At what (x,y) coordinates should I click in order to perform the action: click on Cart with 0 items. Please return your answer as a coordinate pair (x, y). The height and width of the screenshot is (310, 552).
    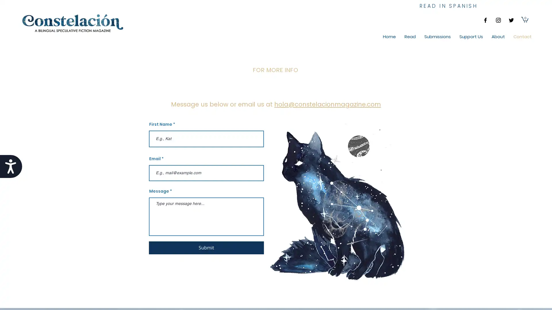
    Looking at the image, I should click on (525, 19).